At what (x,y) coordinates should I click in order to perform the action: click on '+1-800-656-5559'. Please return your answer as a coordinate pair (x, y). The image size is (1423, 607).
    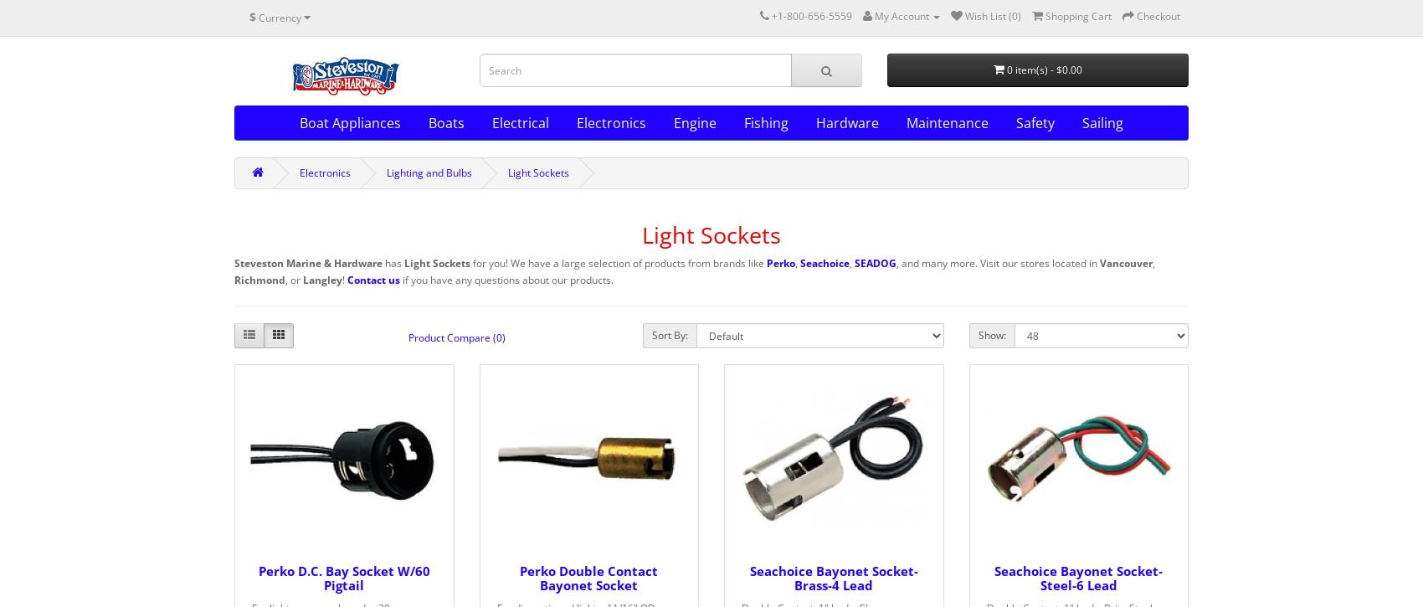
    Looking at the image, I should click on (811, 16).